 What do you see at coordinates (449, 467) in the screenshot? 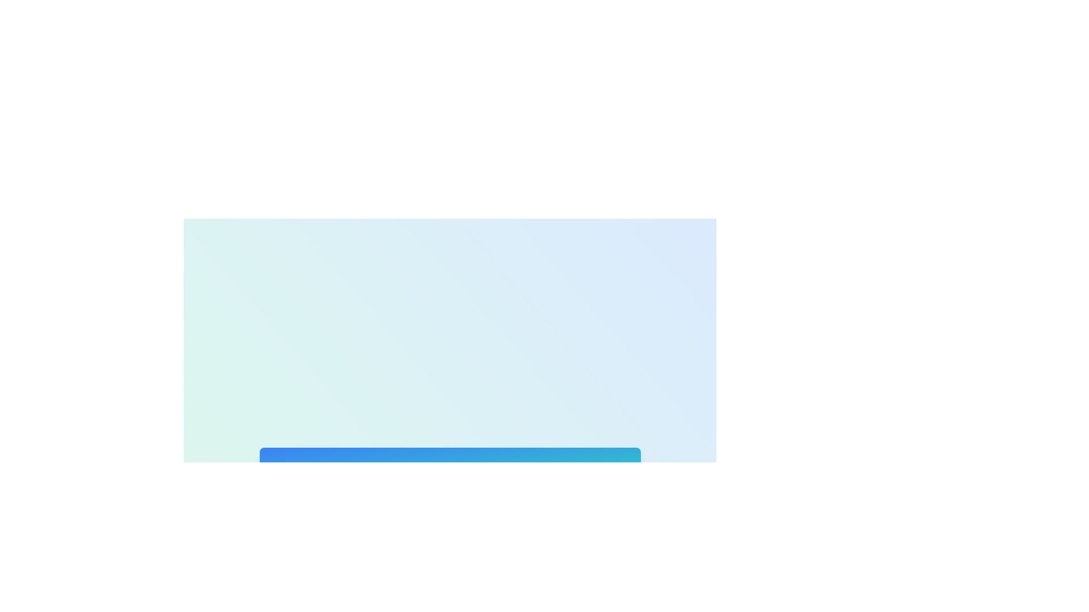
I see `the Header Bar that features a gradient background from blue to teal and contains the text 'World Overview' in white font` at bounding box center [449, 467].